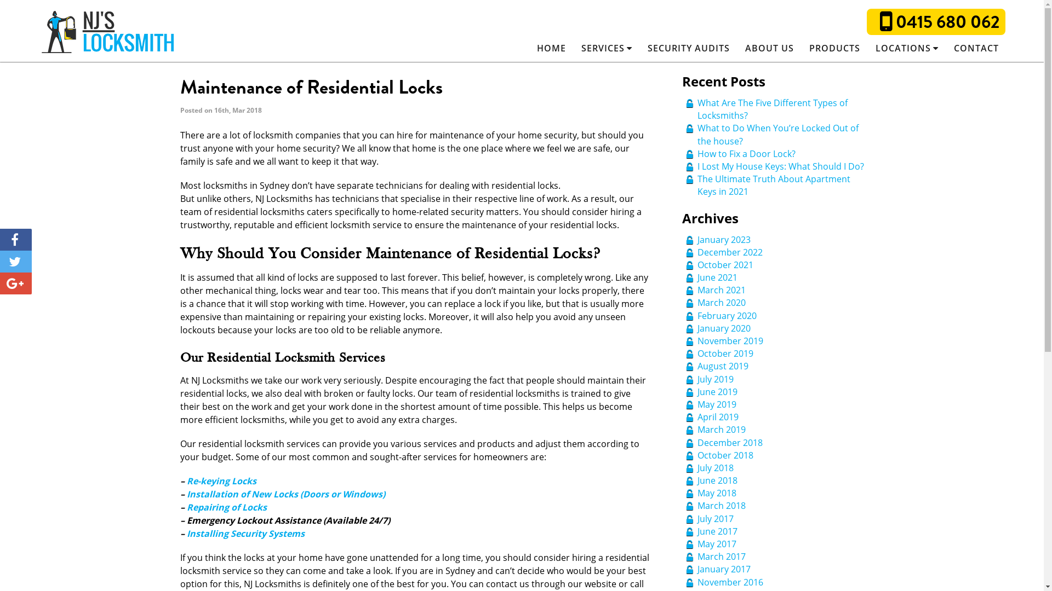 The height and width of the screenshot is (591, 1052). I want to click on 'January 2017', so click(723, 569).